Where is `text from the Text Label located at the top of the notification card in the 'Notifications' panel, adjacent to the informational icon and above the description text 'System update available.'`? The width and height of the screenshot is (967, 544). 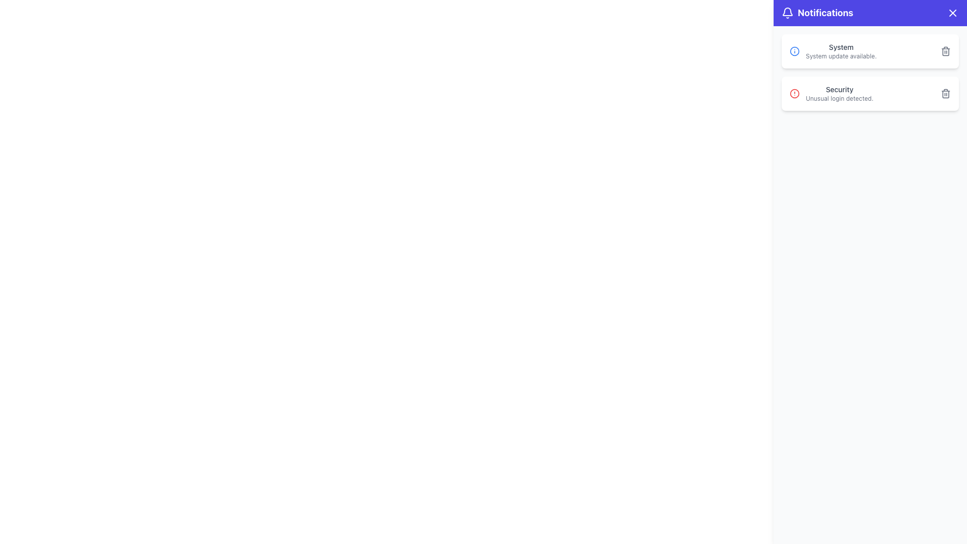
text from the Text Label located at the top of the notification card in the 'Notifications' panel, adjacent to the informational icon and above the description text 'System update available.' is located at coordinates (841, 47).